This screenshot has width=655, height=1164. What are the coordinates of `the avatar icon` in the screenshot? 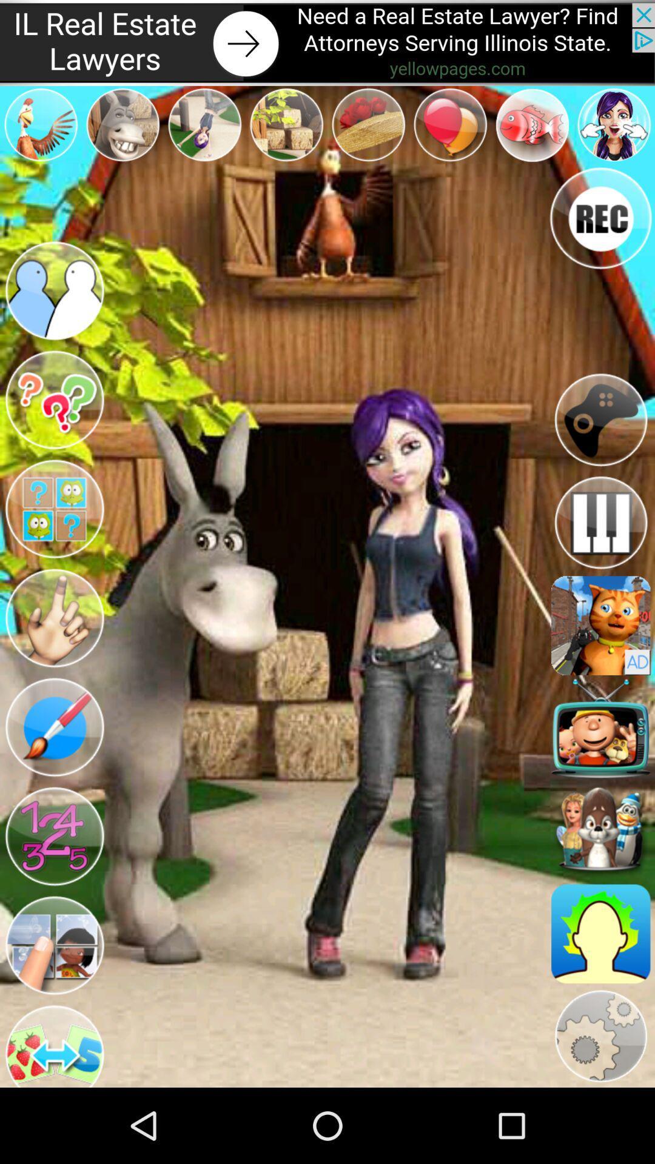 It's located at (53, 1012).